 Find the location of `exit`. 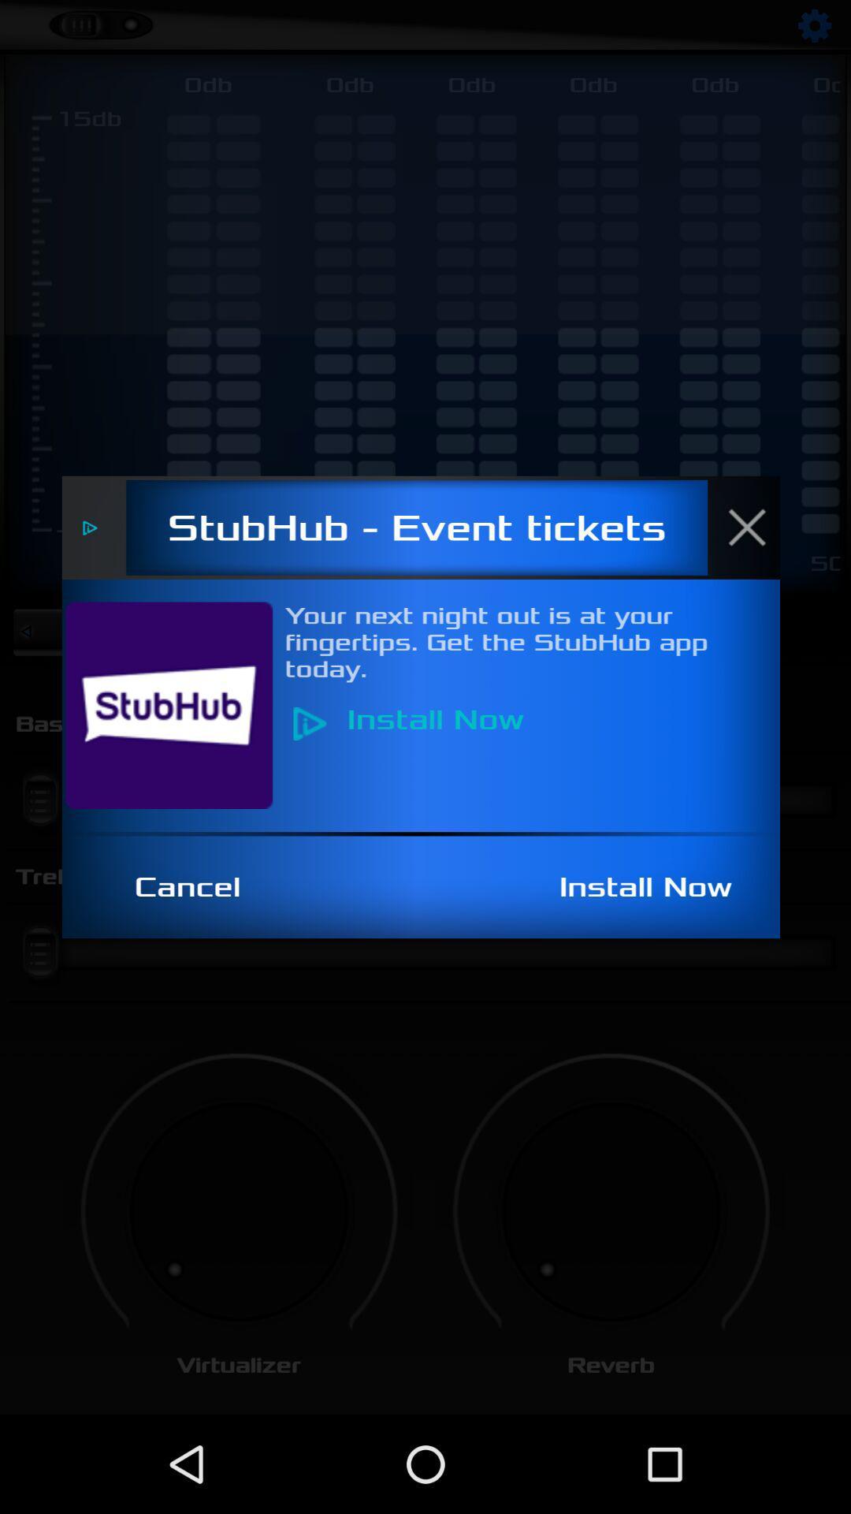

exit is located at coordinates (755, 527).